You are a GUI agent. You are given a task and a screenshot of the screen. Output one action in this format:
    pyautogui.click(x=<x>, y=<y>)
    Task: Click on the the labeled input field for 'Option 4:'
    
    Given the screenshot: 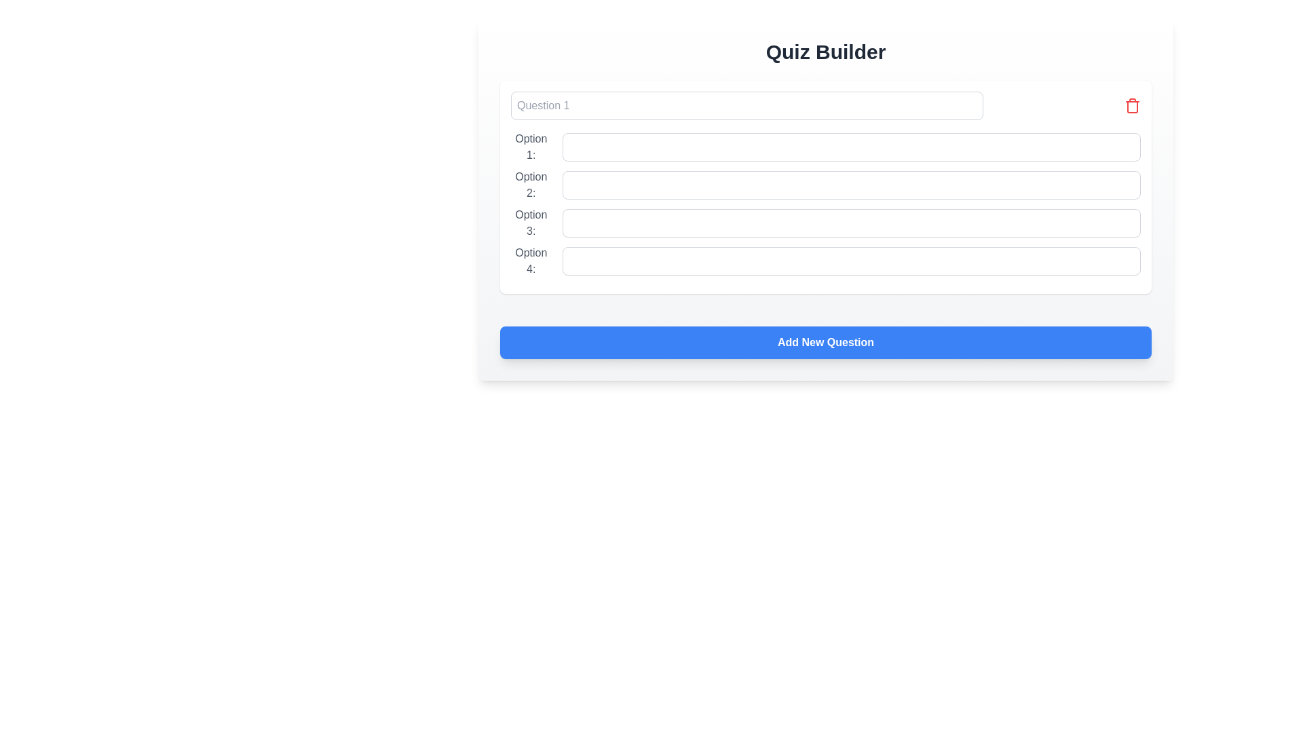 What is the action you would take?
    pyautogui.click(x=825, y=261)
    